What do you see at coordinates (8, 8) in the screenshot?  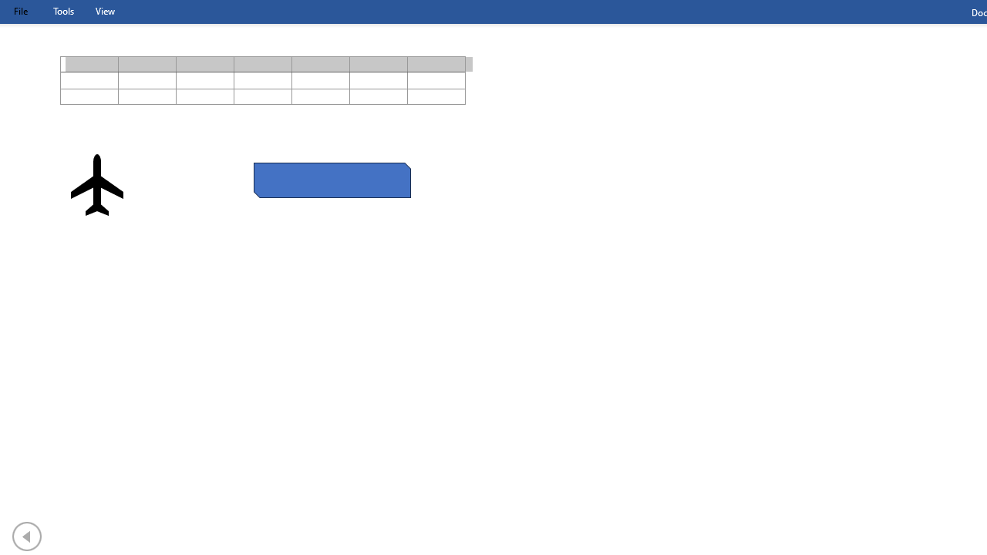 I see `'System'` at bounding box center [8, 8].